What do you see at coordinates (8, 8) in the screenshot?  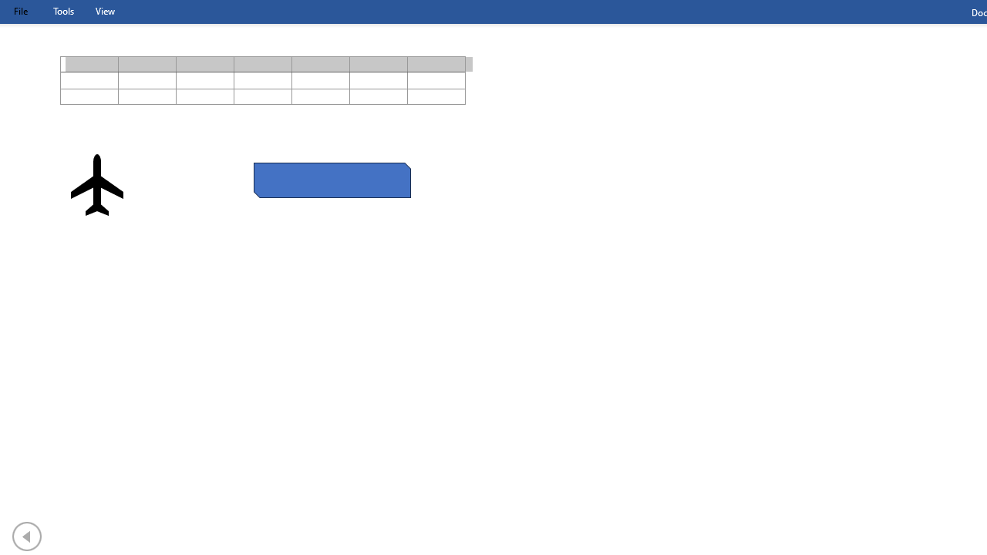 I see `'System'` at bounding box center [8, 8].